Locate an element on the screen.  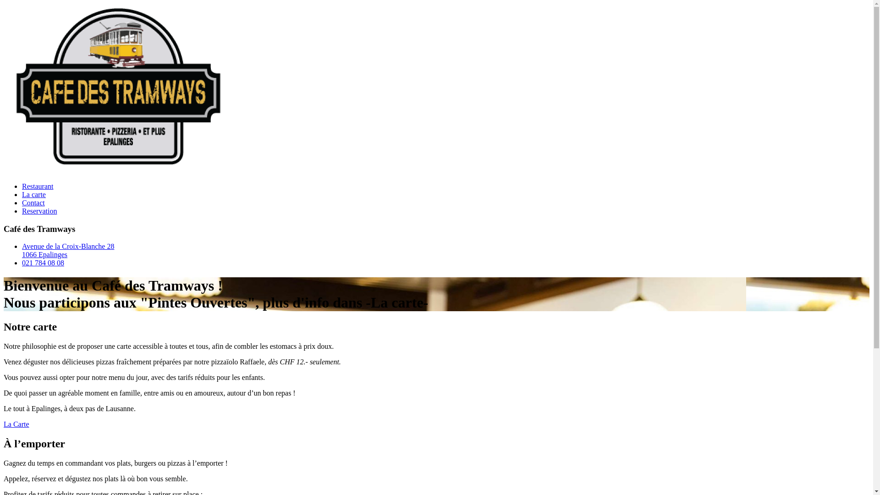
'Contact' is located at coordinates (33, 202).